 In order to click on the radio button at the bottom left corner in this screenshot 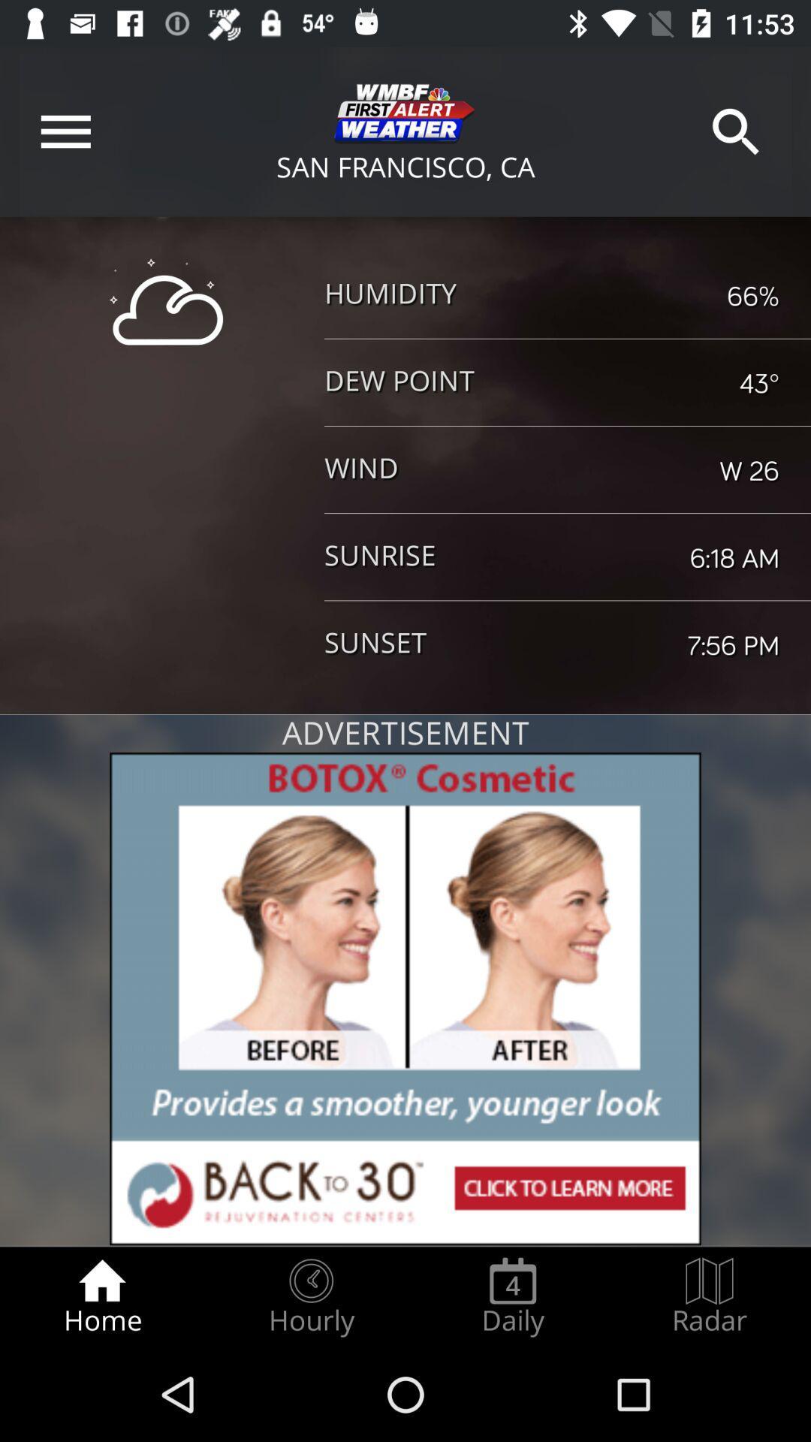, I will do `click(101, 1296)`.